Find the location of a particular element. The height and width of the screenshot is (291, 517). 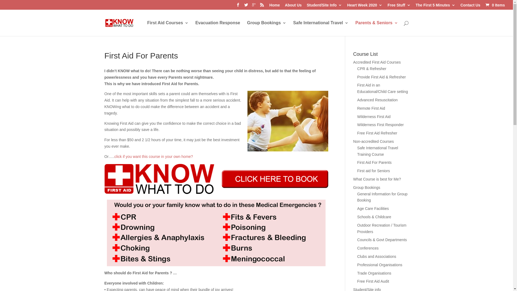

'About Us' is located at coordinates (293, 6).